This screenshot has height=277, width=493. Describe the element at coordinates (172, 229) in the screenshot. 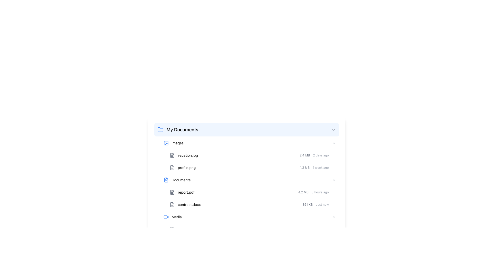

I see `the 'Media' icon located at the bottom of the list of document folder entries, which is to the left of the text 'Media'` at that location.